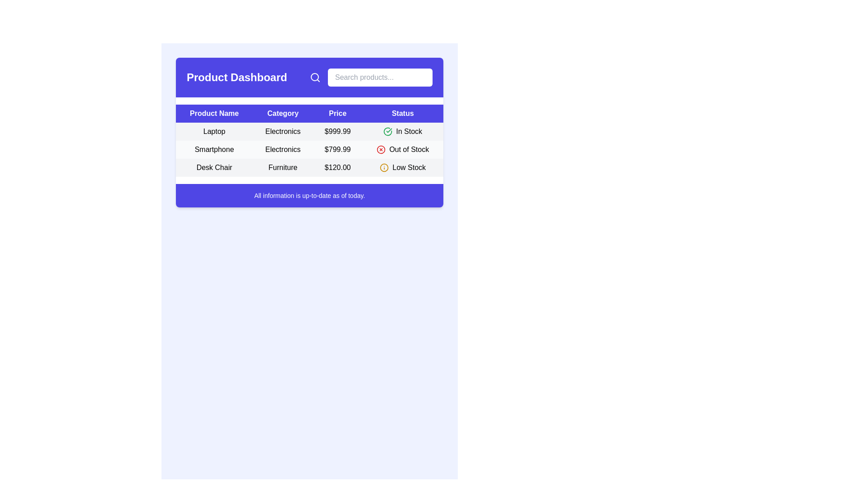 The height and width of the screenshot is (487, 866). I want to click on the circular shape at the center of the search icon, which is part of the SVG representing a magnifying glass, located to the right of the 'Product Dashboard' title and to the left of the search bar, so click(314, 76).